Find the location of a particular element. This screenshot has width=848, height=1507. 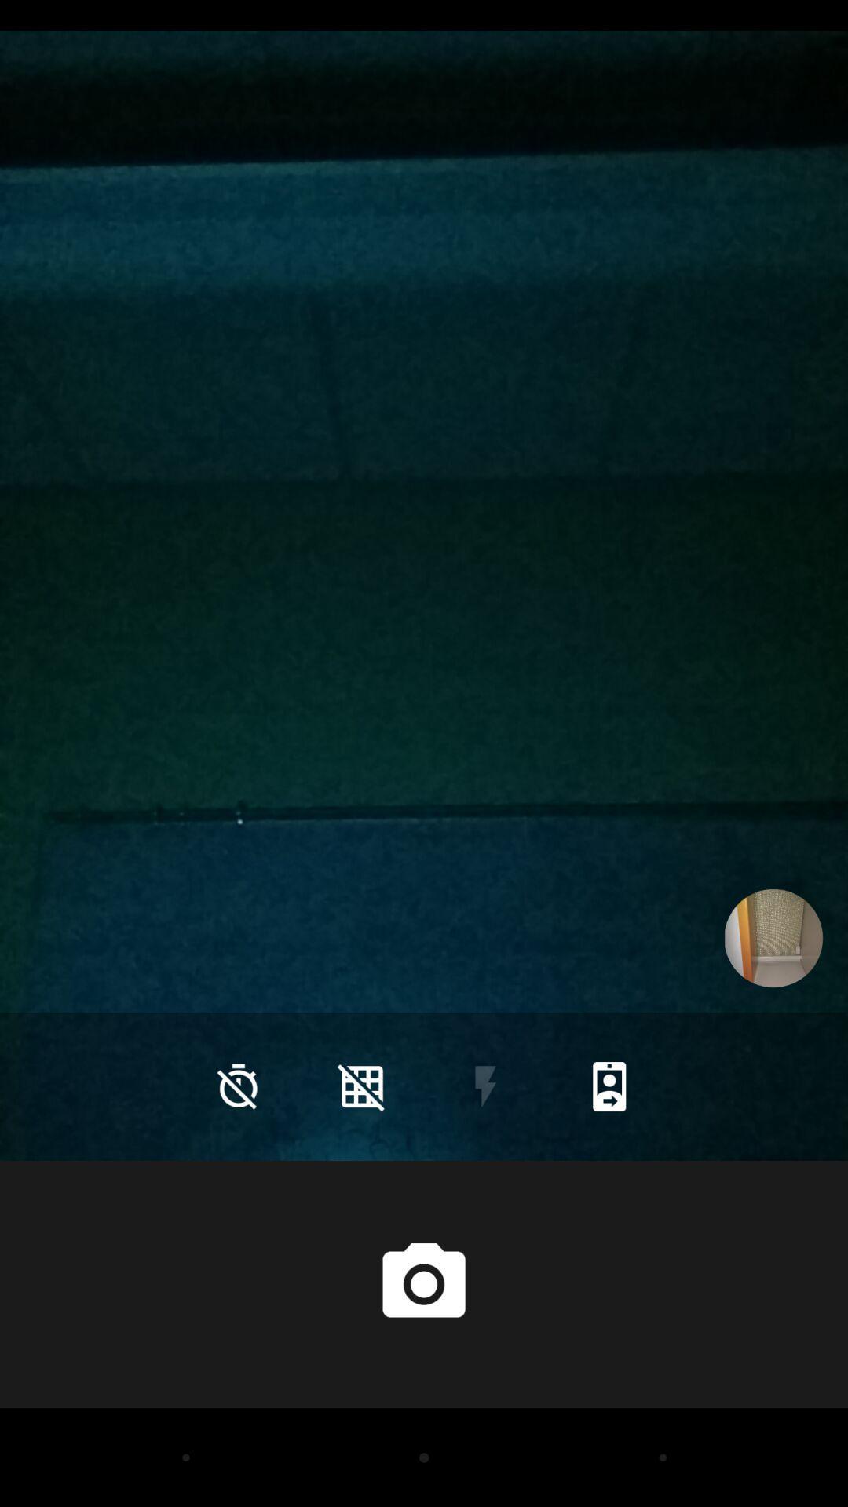

the icon on the right is located at coordinates (773, 938).